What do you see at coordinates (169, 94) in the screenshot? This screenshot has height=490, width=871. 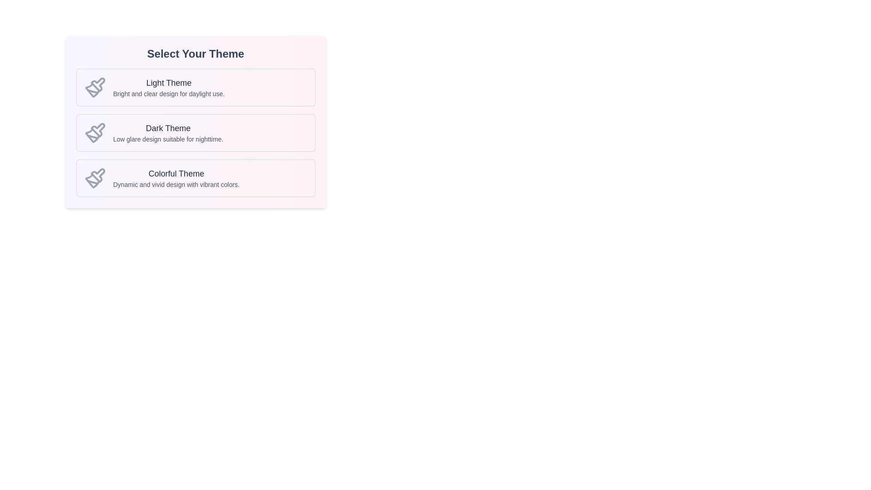 I see `the descriptive text block that reads 'Bright and clear design` at bounding box center [169, 94].